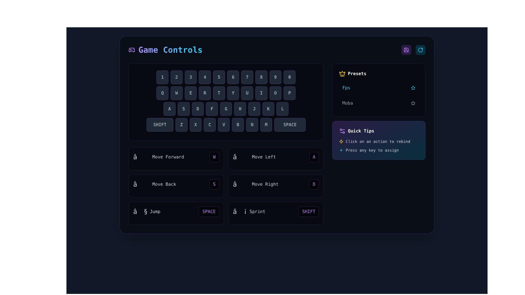 The width and height of the screenshot is (525, 295). Describe the element at coordinates (147, 211) in the screenshot. I see `the 'Jump' composite label element, which displays the symbol '§' and is located in the control instruction list on the lower portion of the game settings interface` at that location.